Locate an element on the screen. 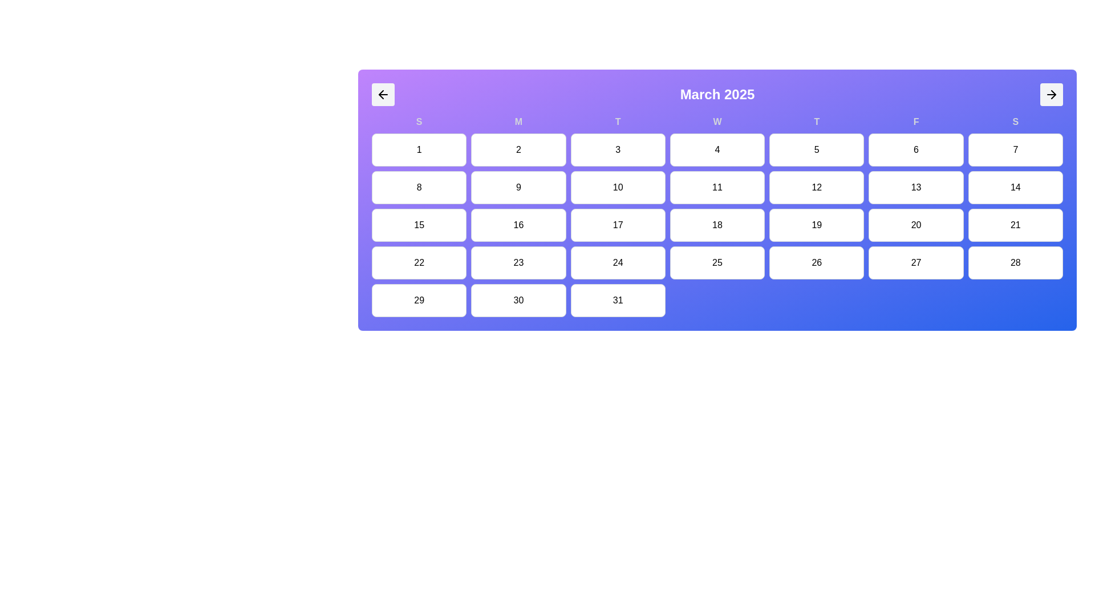  the Calendar day tile labeled '29', which is a rectangular tile with a white background and rounded corners, located in the last row of the calendar grid is located at coordinates (419, 300).